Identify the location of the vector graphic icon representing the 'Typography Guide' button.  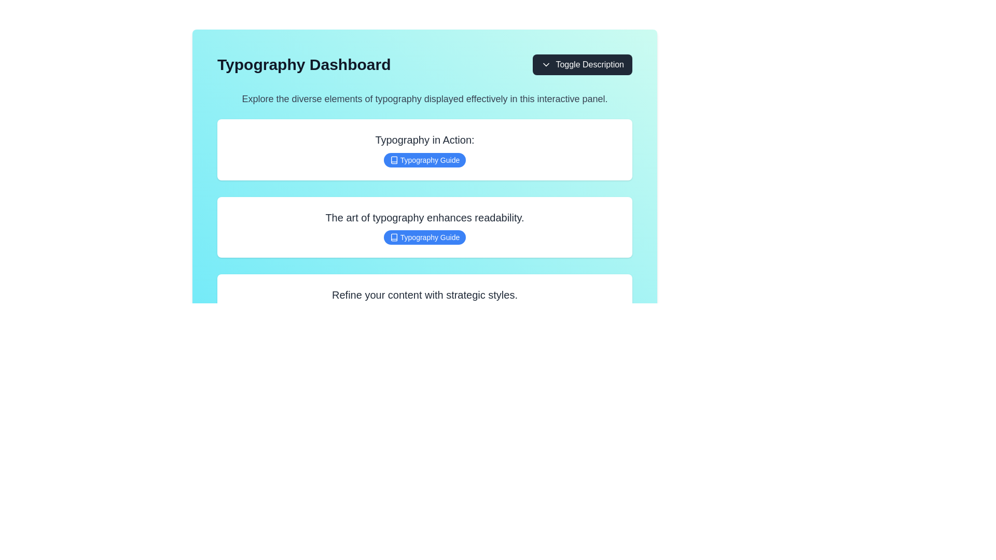
(393, 160).